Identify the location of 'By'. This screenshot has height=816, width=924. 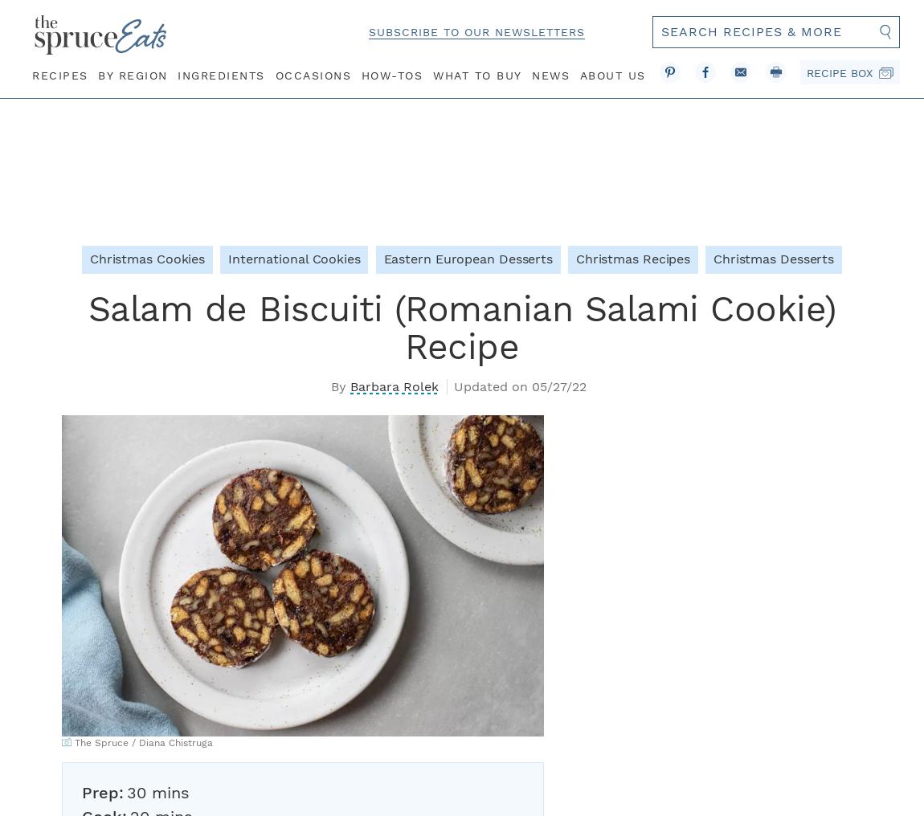
(331, 386).